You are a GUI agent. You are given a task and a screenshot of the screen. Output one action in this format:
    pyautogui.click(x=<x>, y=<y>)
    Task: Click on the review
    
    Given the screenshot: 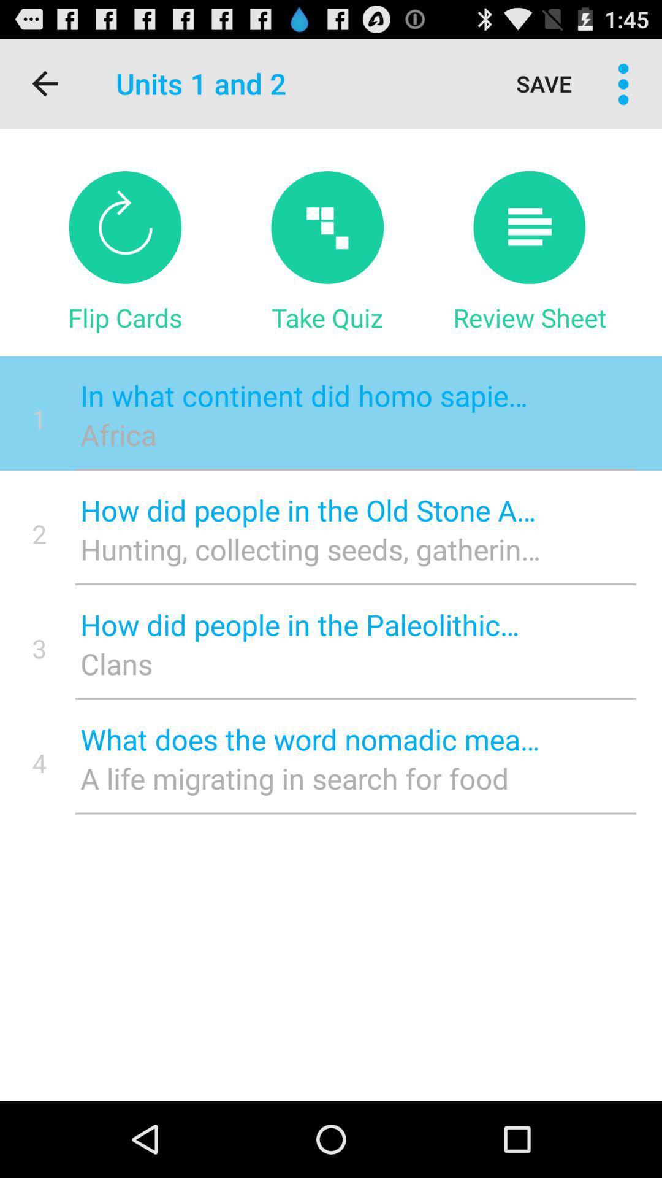 What is the action you would take?
    pyautogui.click(x=529, y=227)
    